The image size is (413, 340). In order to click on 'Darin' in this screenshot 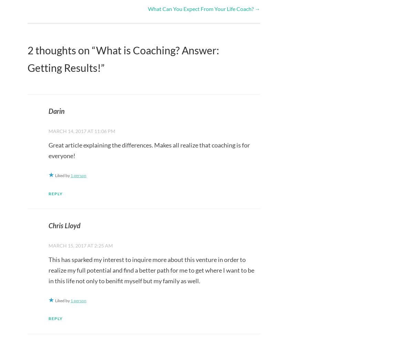, I will do `click(56, 111)`.